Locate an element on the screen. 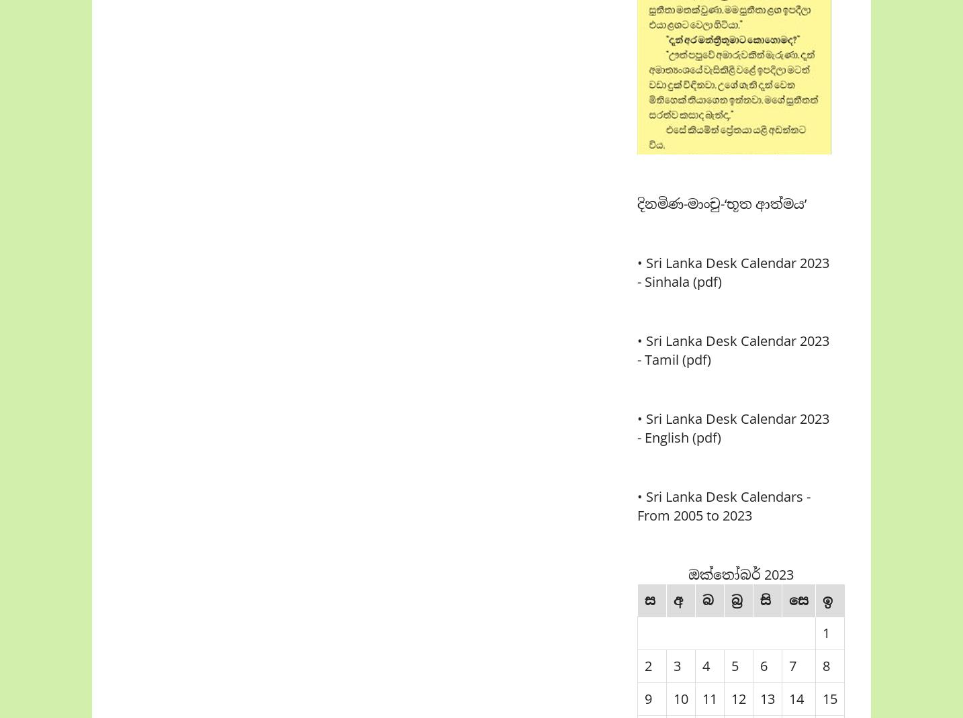  '• Sri Lanka Desk Calendar 2023 - English (pdf)' is located at coordinates (733, 428).